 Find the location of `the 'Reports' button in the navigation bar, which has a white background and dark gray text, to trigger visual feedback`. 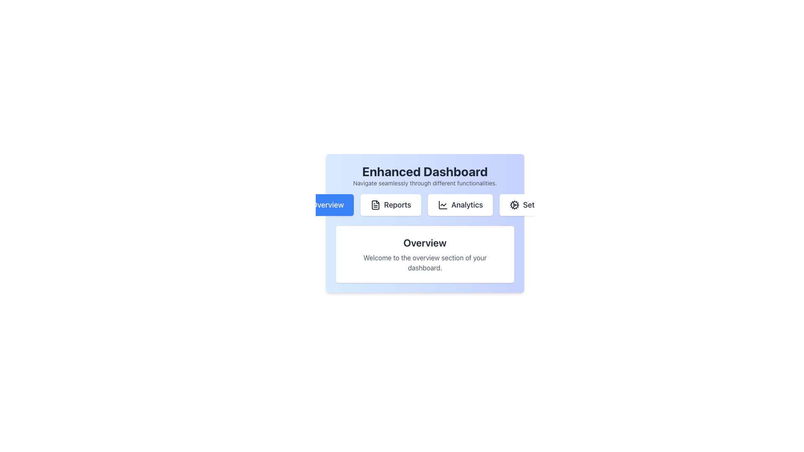

the 'Reports' button in the navigation bar, which has a white background and dark gray text, to trigger visual feedback is located at coordinates (390, 205).